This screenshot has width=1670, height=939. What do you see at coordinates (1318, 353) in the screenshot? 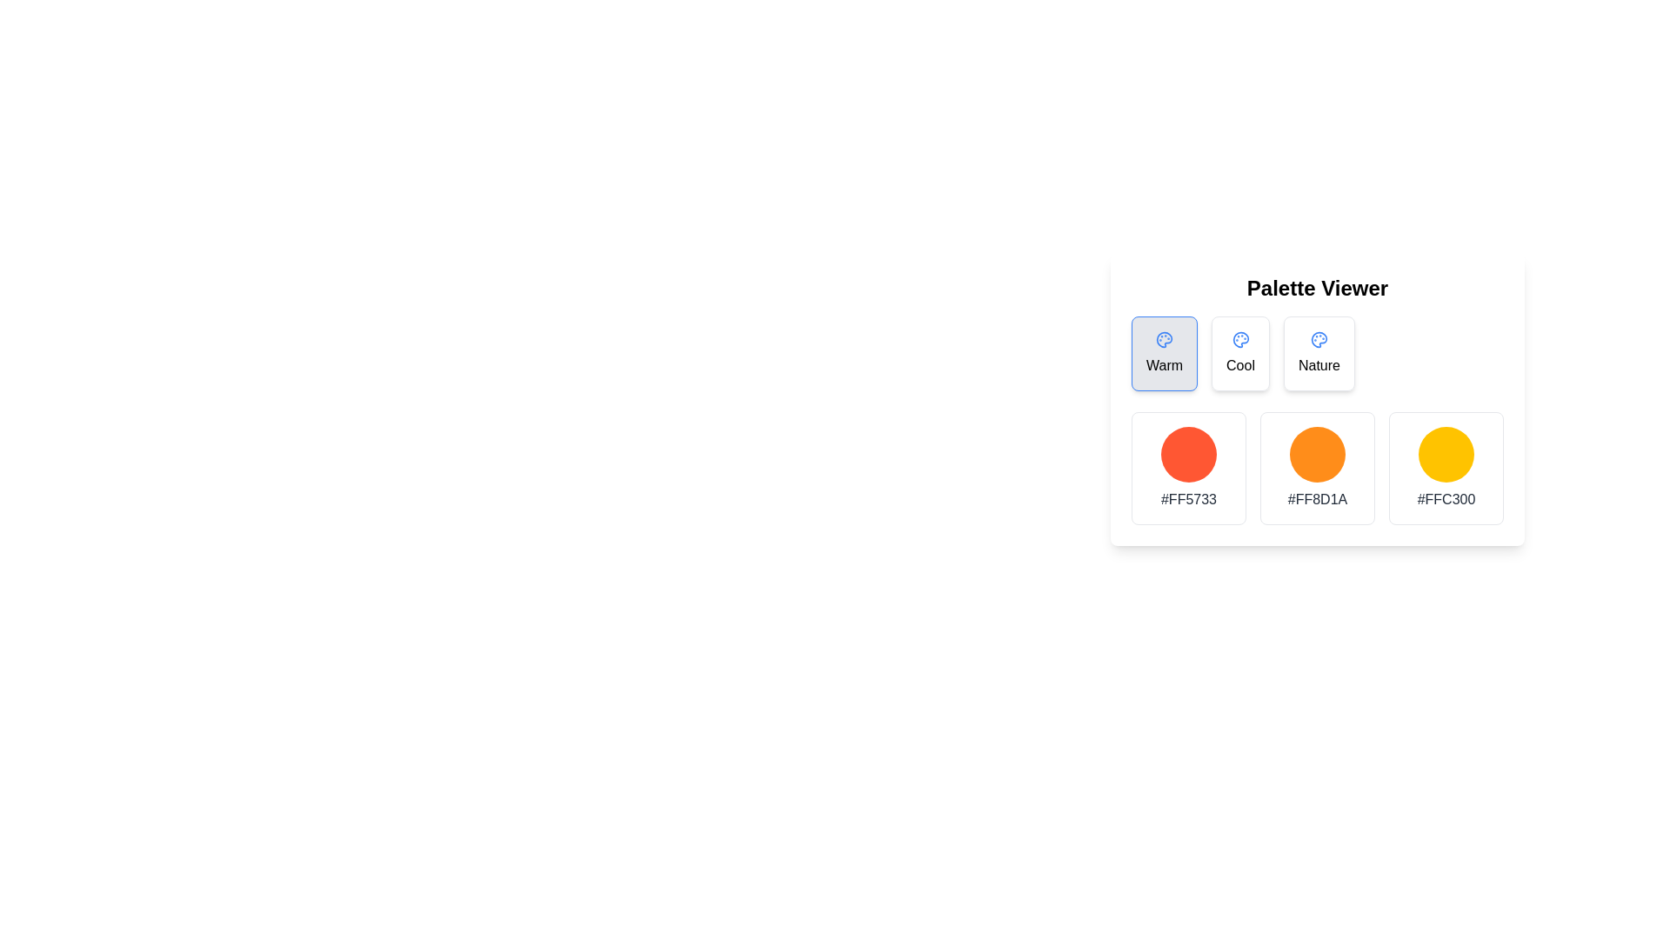
I see `the clickable card labeled 'Nature' which is the third card in a row of three cards beneath the 'Palette Viewer' heading` at bounding box center [1318, 353].